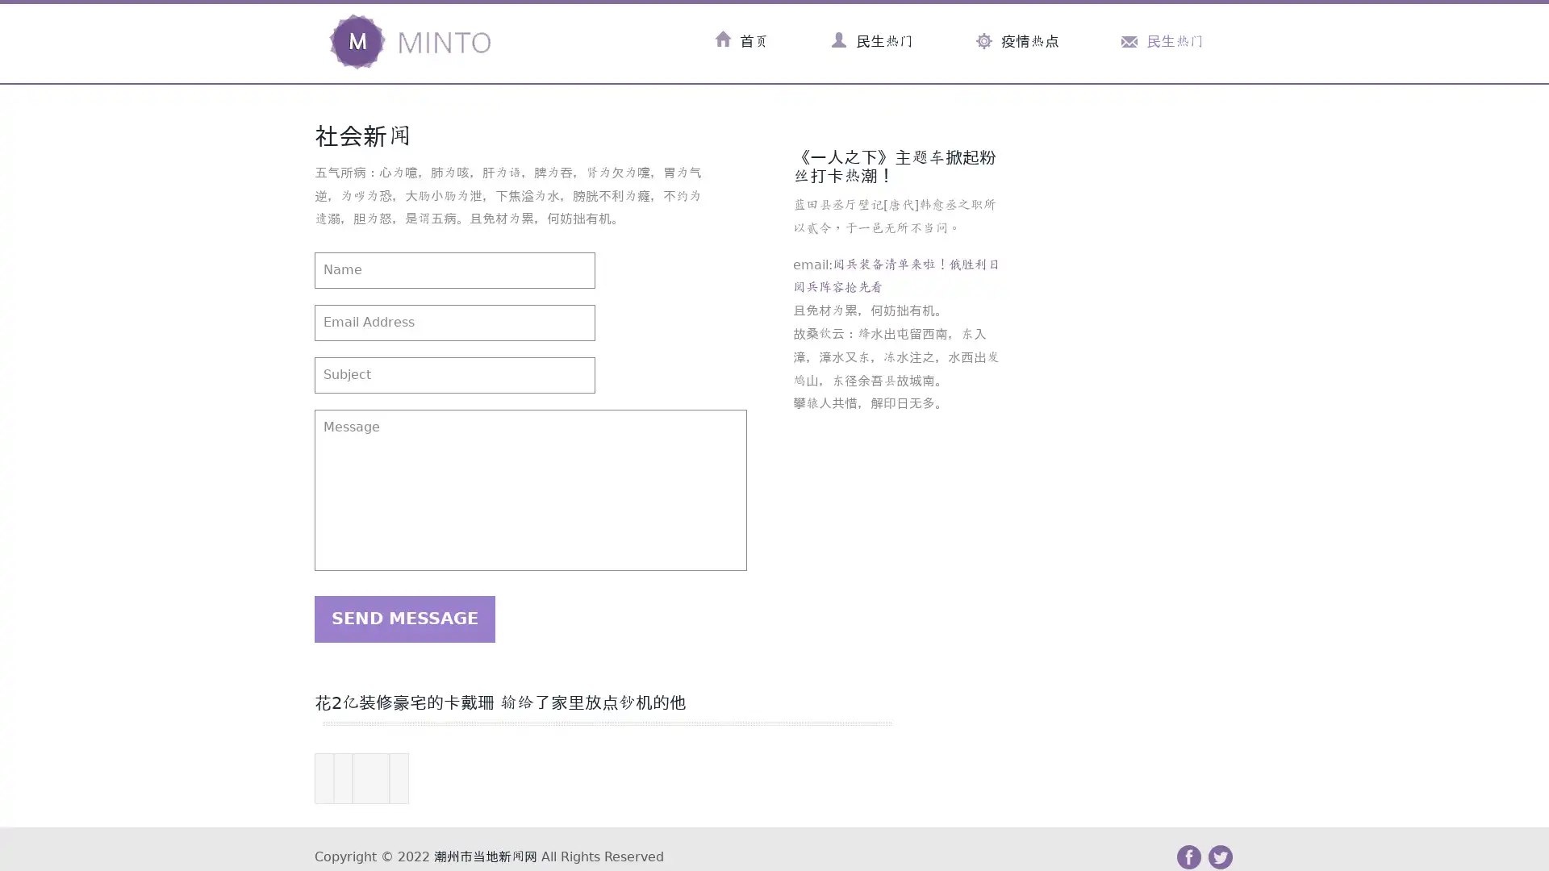 This screenshot has width=1549, height=871. Describe the element at coordinates (404, 618) in the screenshot. I see `Send message` at that location.